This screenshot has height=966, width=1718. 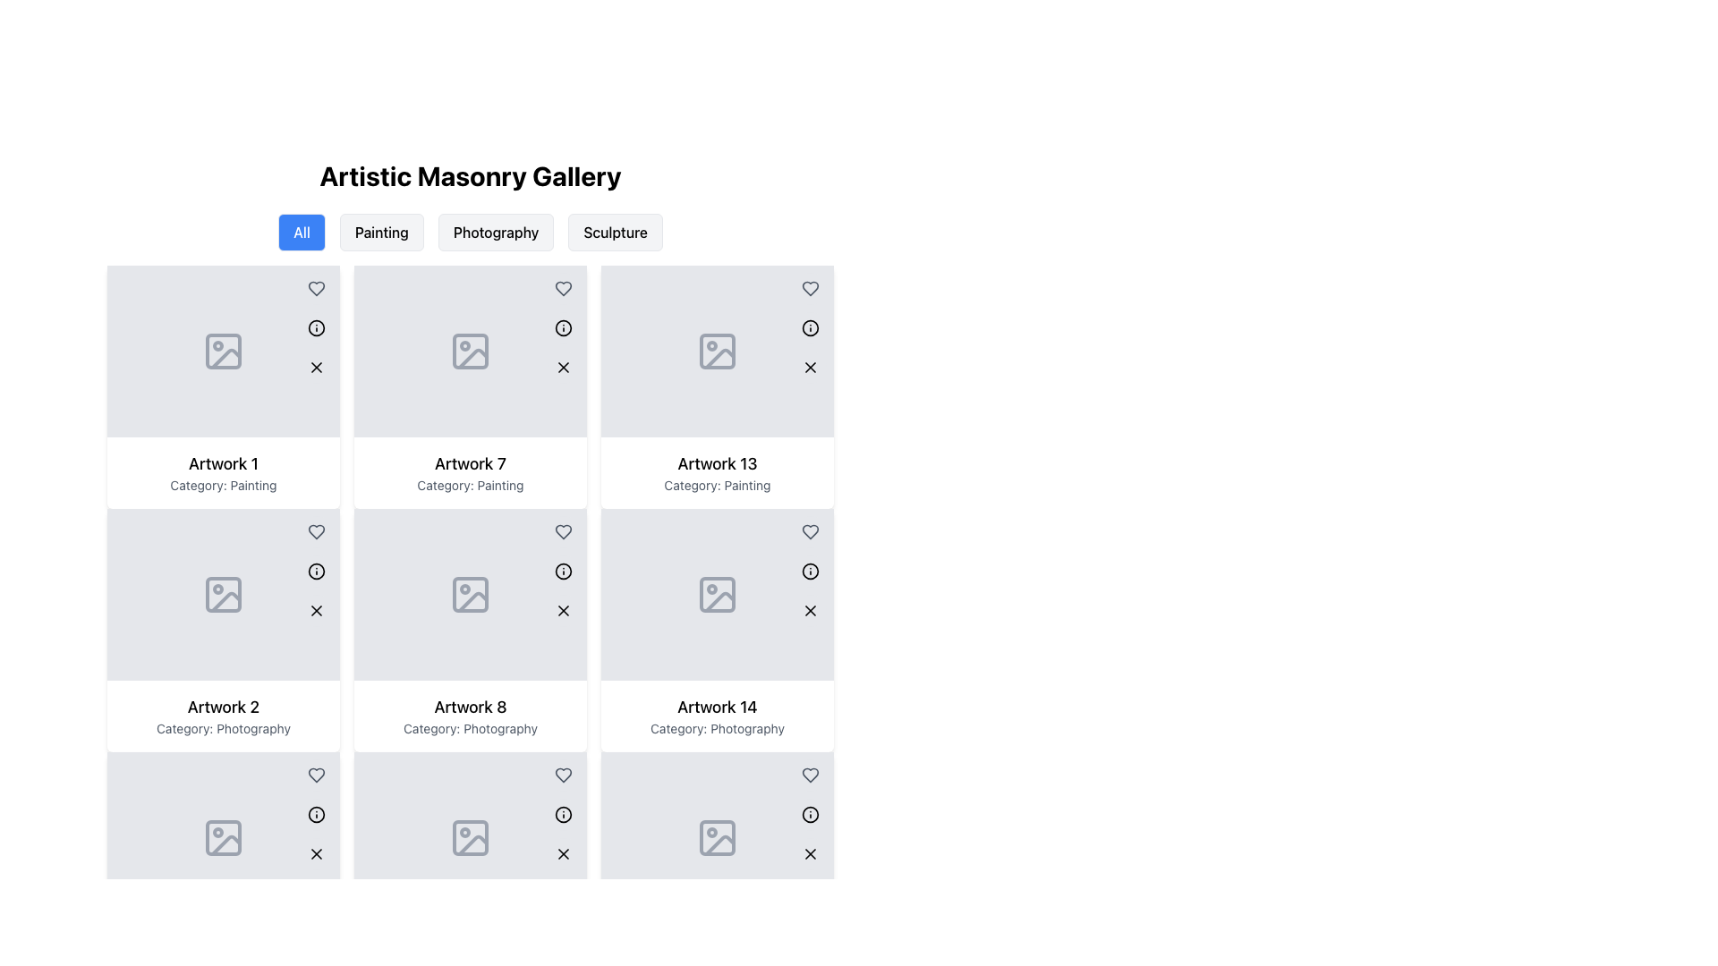 What do you see at coordinates (222, 838) in the screenshot?
I see `the Image Placeholder Icon located in the lower-left corner of the tile labeled 'Artwork 2 Category: Photography'` at bounding box center [222, 838].